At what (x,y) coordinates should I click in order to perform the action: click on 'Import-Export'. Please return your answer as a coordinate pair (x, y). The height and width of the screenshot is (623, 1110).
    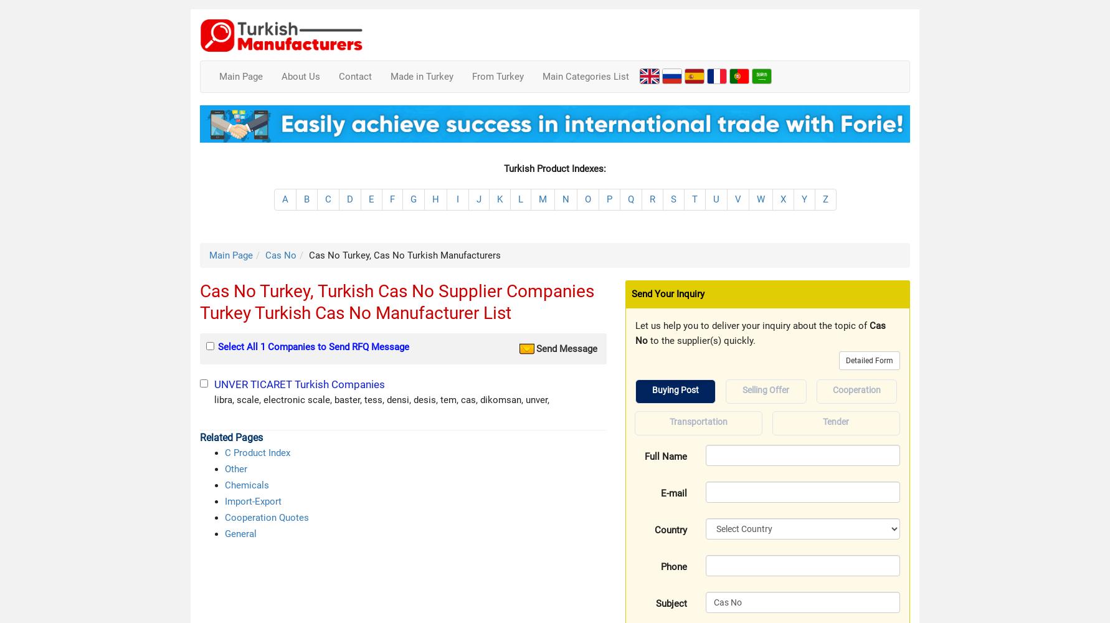
    Looking at the image, I should click on (253, 502).